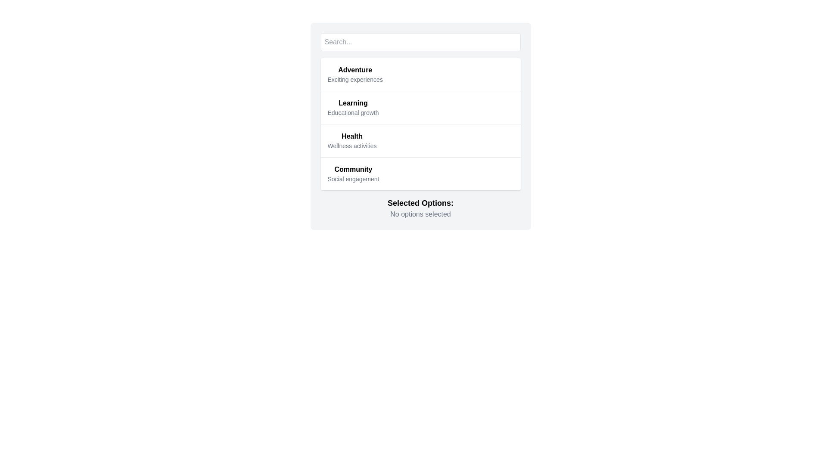 The image size is (827, 465). What do you see at coordinates (420, 74) in the screenshot?
I see `the first item in the selection list that enables users to select or view details about 'Adventure' related experiences` at bounding box center [420, 74].